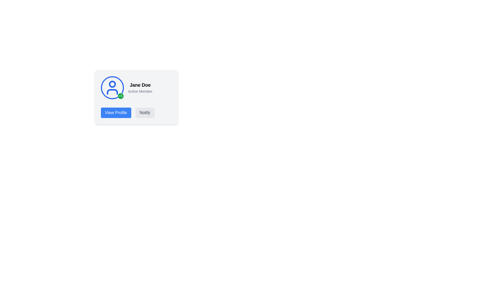  What do you see at coordinates (112, 84) in the screenshot?
I see `the circular head element of the person icon, which is outlined in blue and positioned to the left of the text 'Jane Doe \n Active Member'` at bounding box center [112, 84].